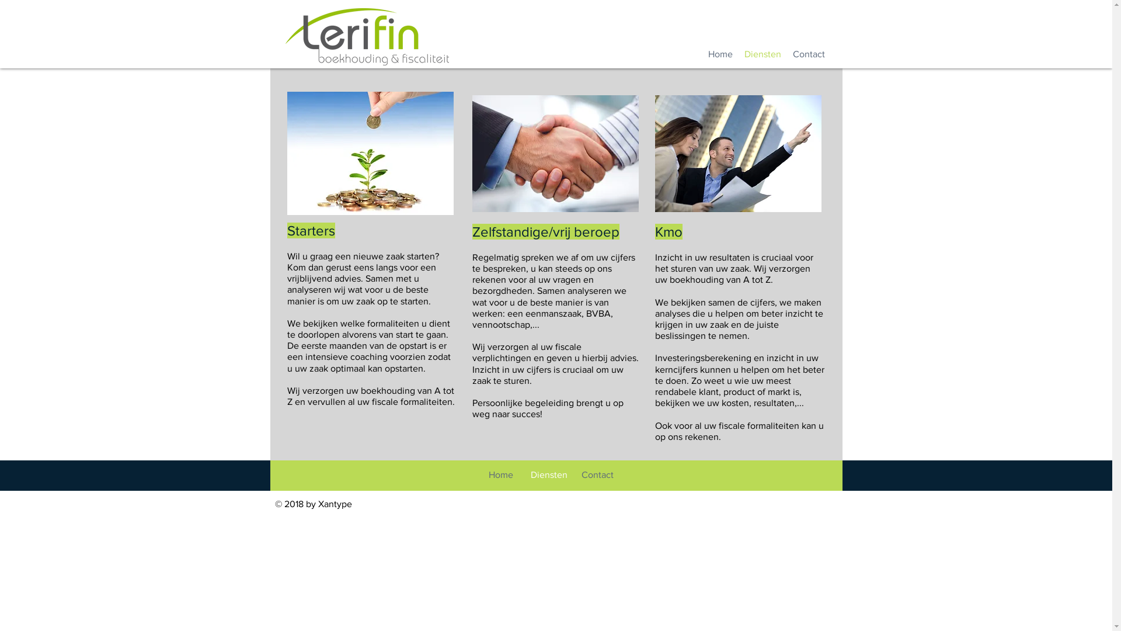 The height and width of the screenshot is (631, 1121). Describe the element at coordinates (548, 475) in the screenshot. I see `'Diensten'` at that location.